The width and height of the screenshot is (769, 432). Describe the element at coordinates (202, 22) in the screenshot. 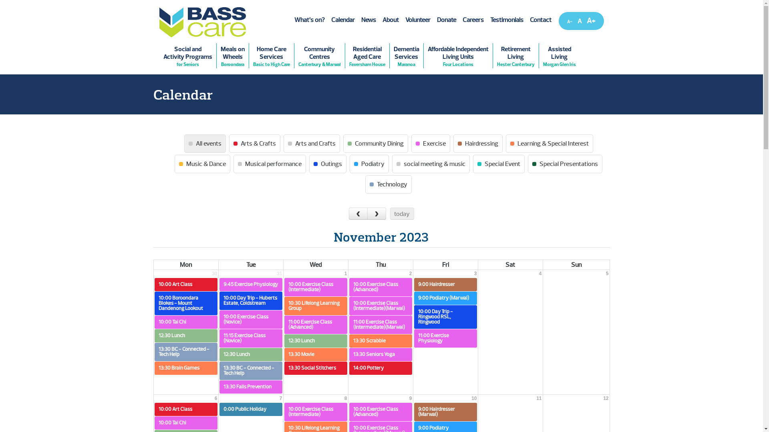

I see `'Home'` at that location.